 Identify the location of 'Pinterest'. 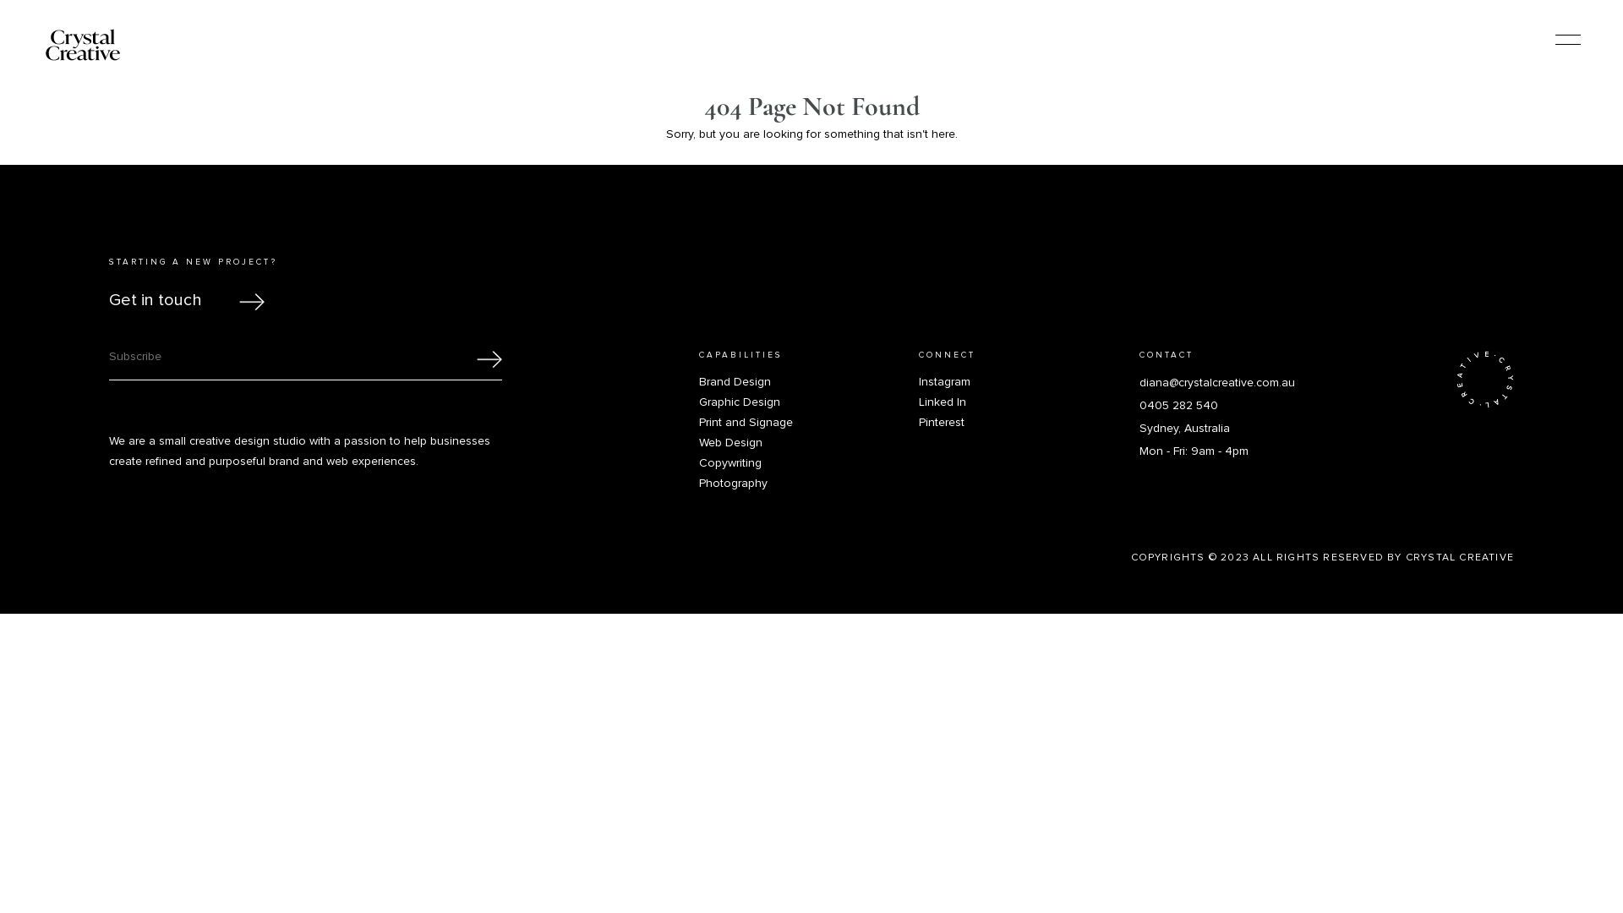
(1028, 422).